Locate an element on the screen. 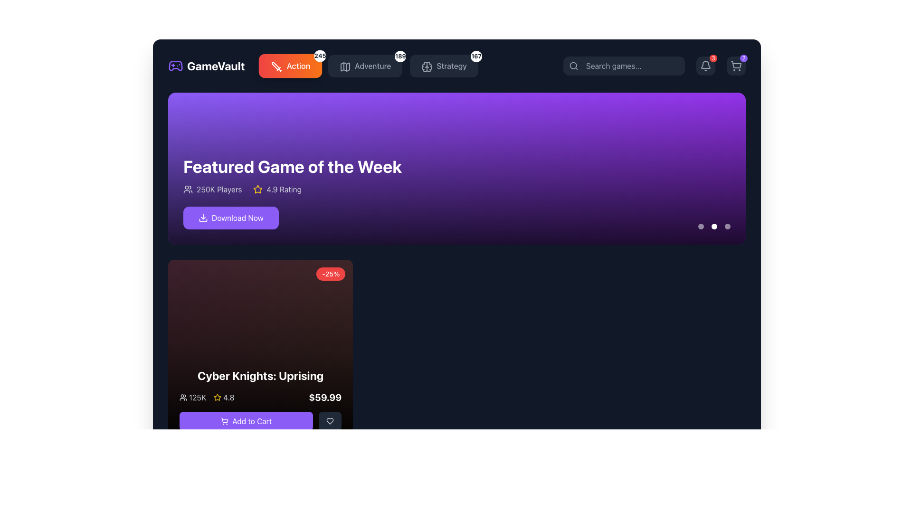 The width and height of the screenshot is (912, 513). the Text Label indicating the number of players associated with the 'Featured Game of the Week', which is positioned between a user icon and a '4.9 Rating' display is located at coordinates (218, 189).